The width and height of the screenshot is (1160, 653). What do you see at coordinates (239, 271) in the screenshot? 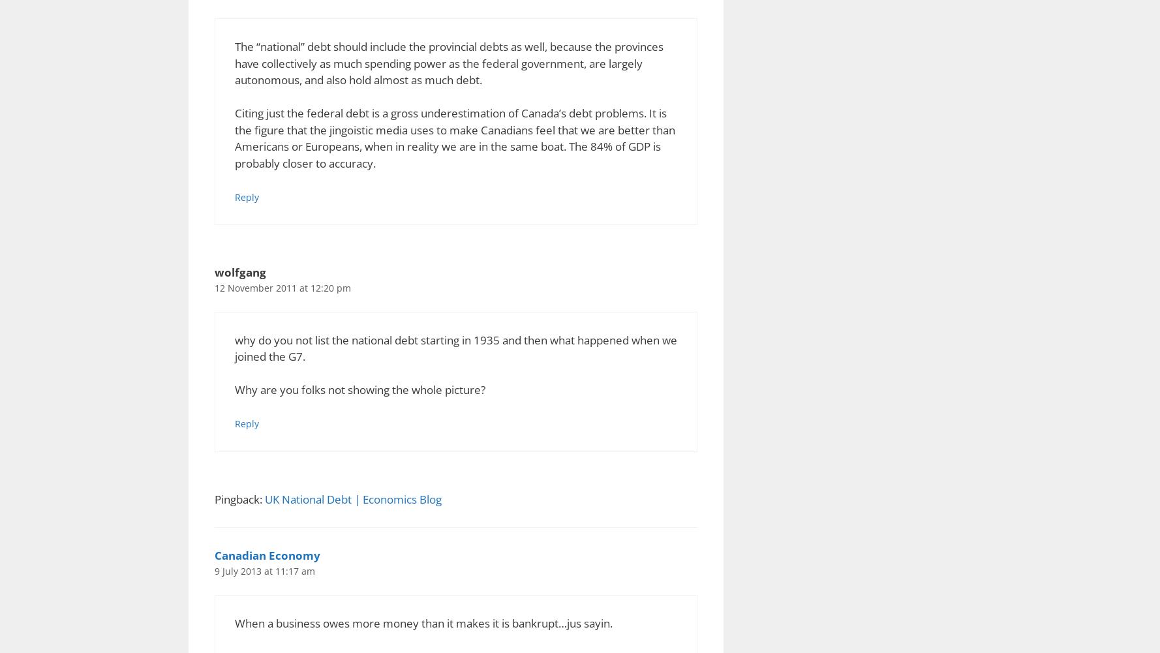
I see `'wolfgang'` at bounding box center [239, 271].